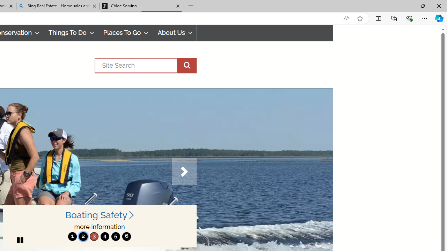 Image resolution: width=447 pixels, height=251 pixels. What do you see at coordinates (378, 18) in the screenshot?
I see `'Split screen'` at bounding box center [378, 18].